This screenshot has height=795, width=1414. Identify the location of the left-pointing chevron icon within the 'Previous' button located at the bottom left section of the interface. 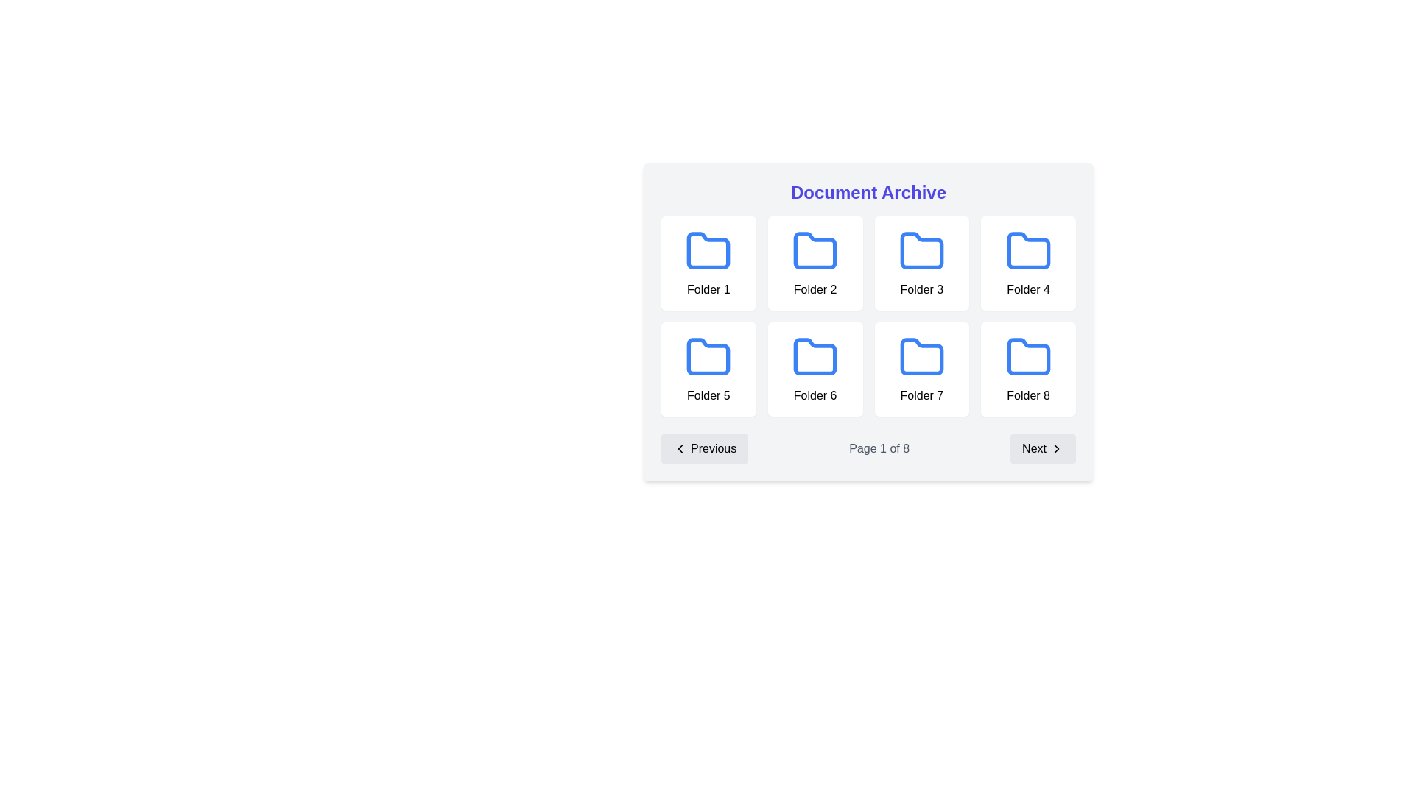
(680, 448).